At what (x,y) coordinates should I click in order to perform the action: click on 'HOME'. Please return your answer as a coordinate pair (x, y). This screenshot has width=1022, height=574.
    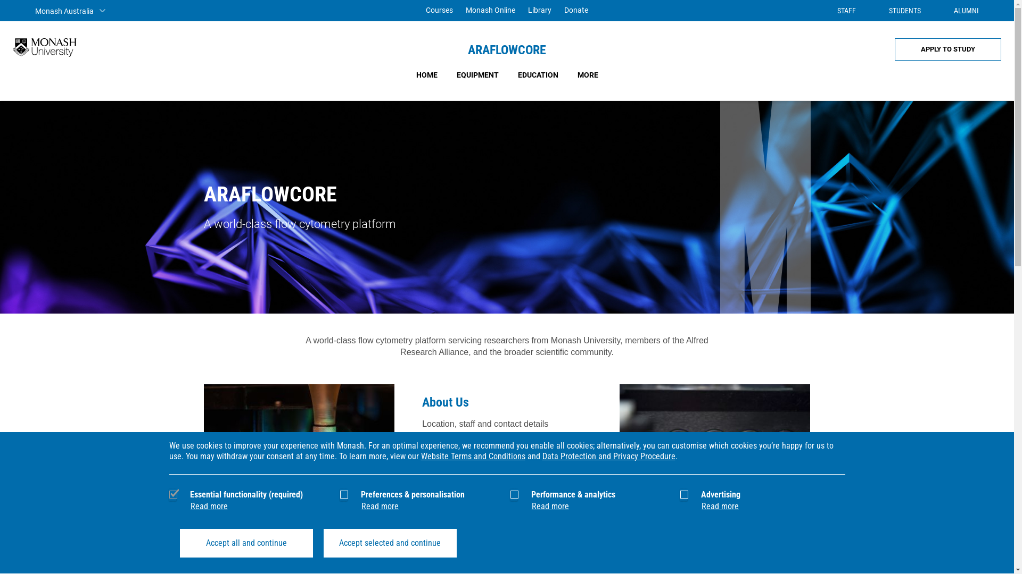
    Looking at the image, I should click on (426, 74).